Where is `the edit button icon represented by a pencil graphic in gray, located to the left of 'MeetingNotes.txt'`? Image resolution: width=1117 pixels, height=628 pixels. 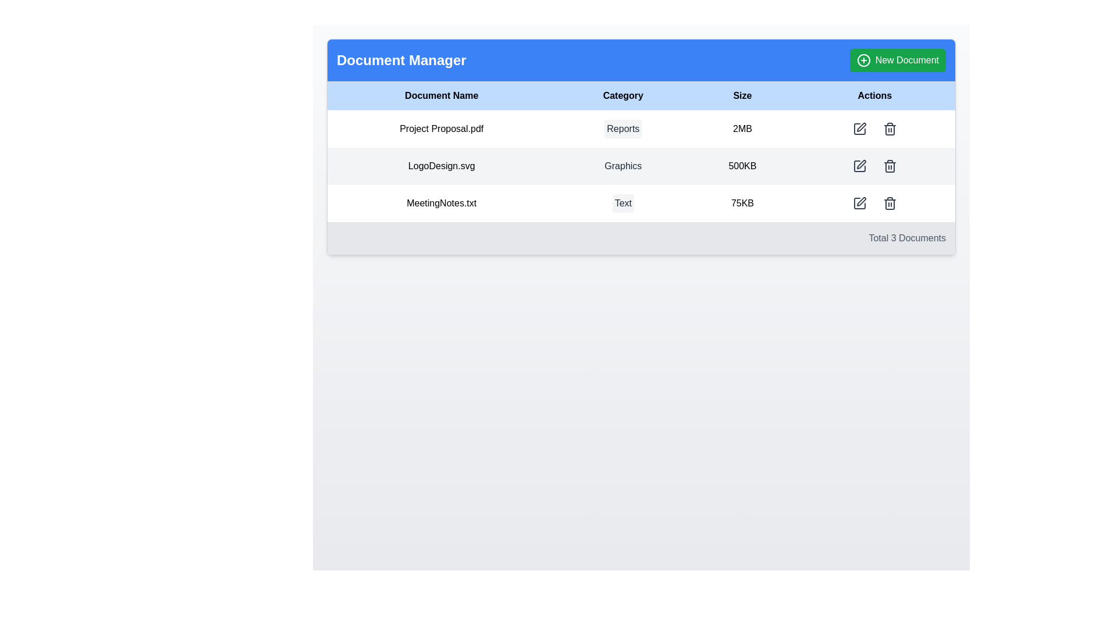 the edit button icon represented by a pencil graphic in gray, located to the left of 'MeetingNotes.txt' is located at coordinates (859, 203).